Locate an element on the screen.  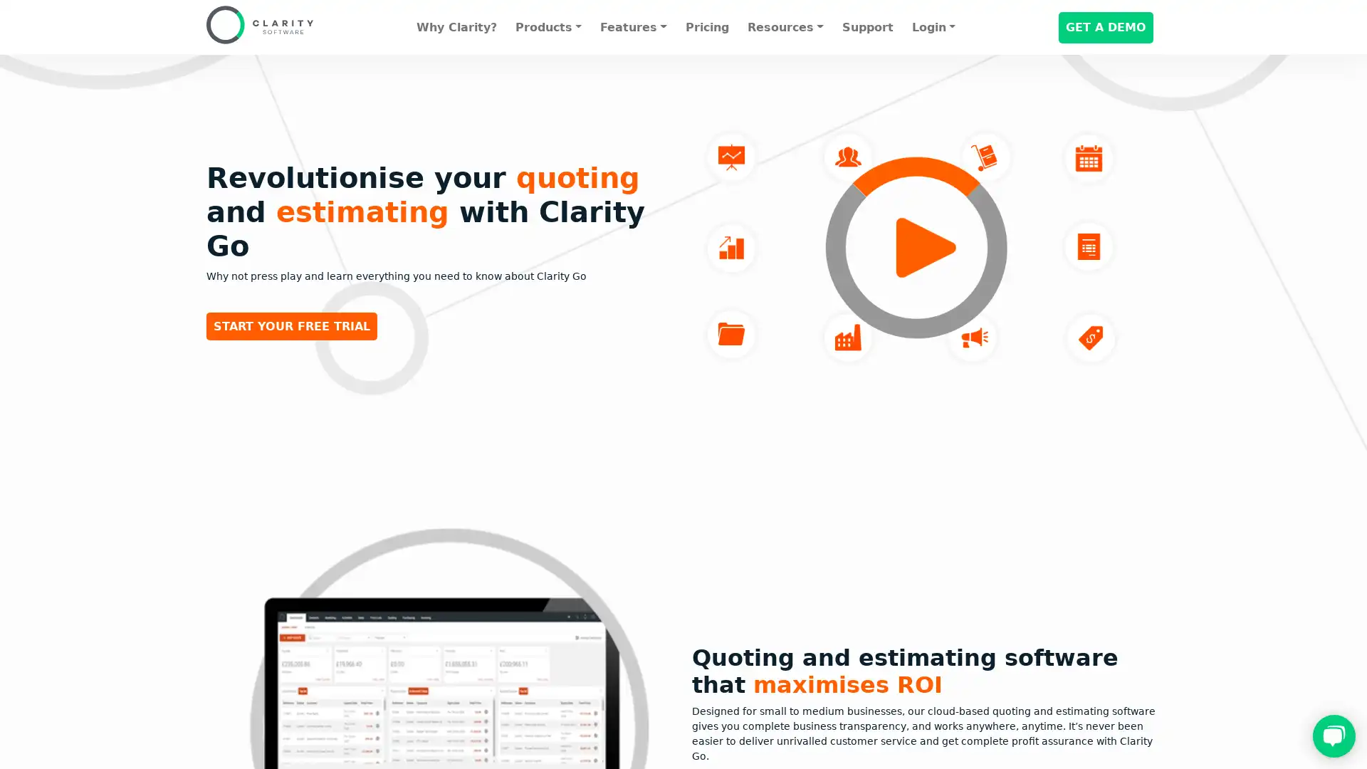
Resources is located at coordinates (785, 27).